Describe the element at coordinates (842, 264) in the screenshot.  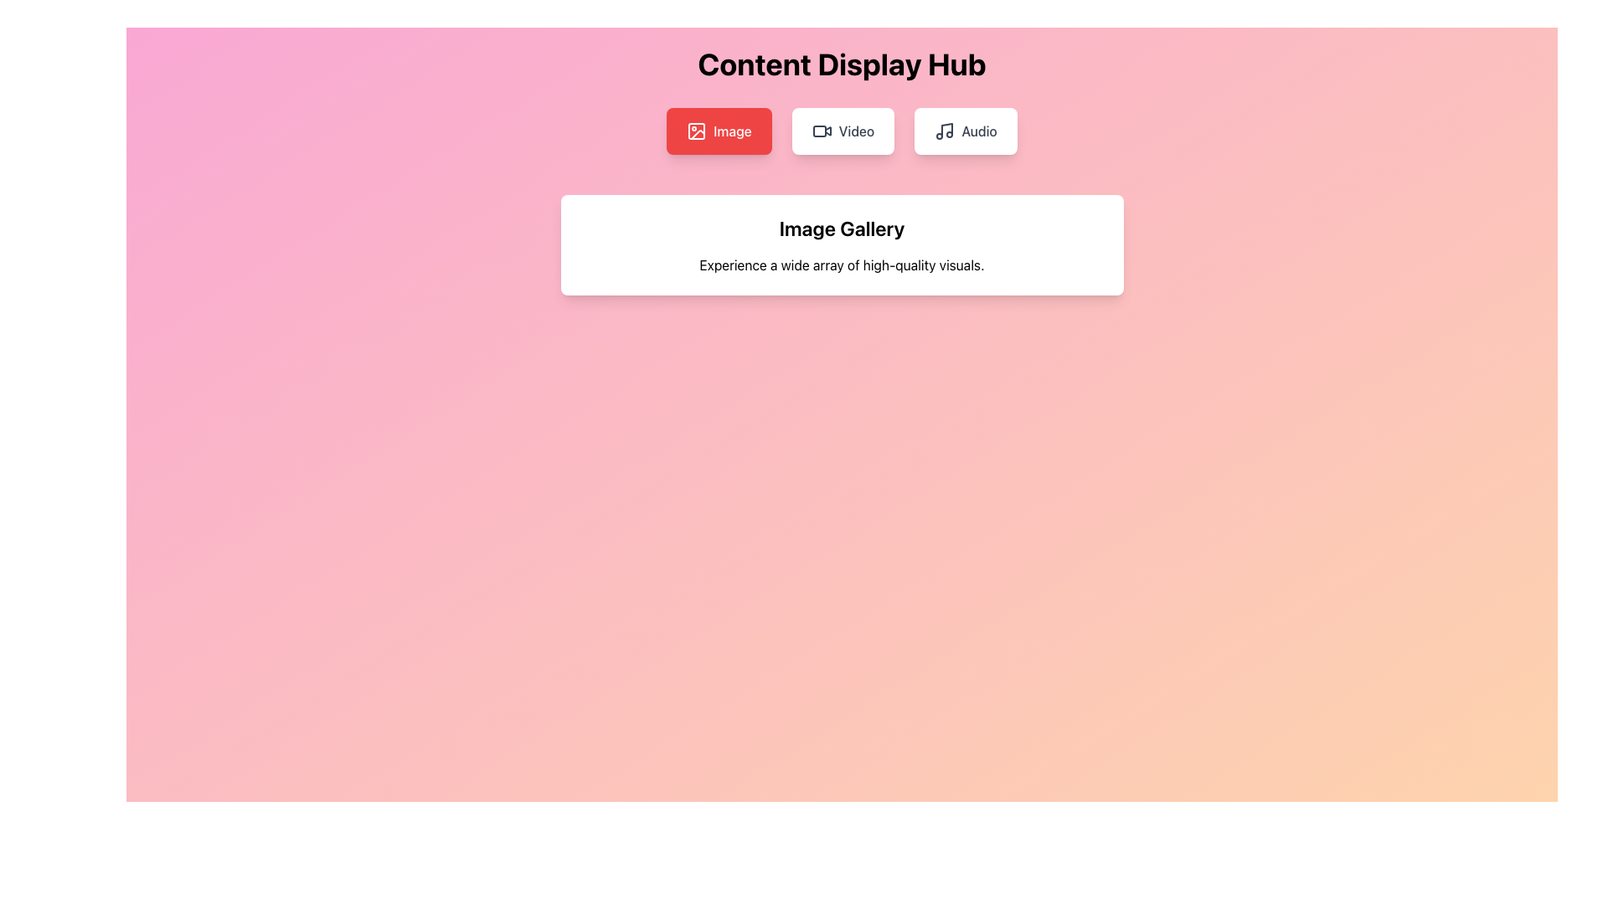
I see `the text element displaying 'Experience a wide array of high-quality visuals.' which is located centrally below the 'Image Gallery' header` at that location.